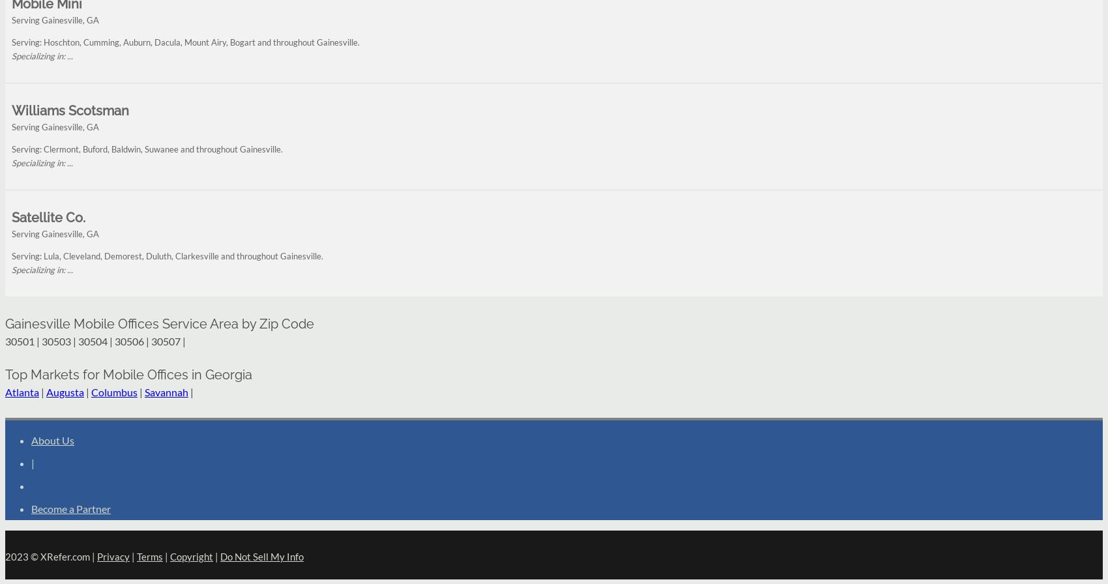  I want to click on 'Serving:
											Clermont, Buford, Baldwin, Suwanee and throughout Gainesville.', so click(147, 149).